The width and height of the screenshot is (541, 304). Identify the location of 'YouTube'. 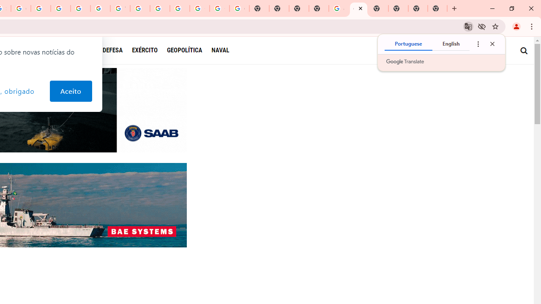
(120, 8).